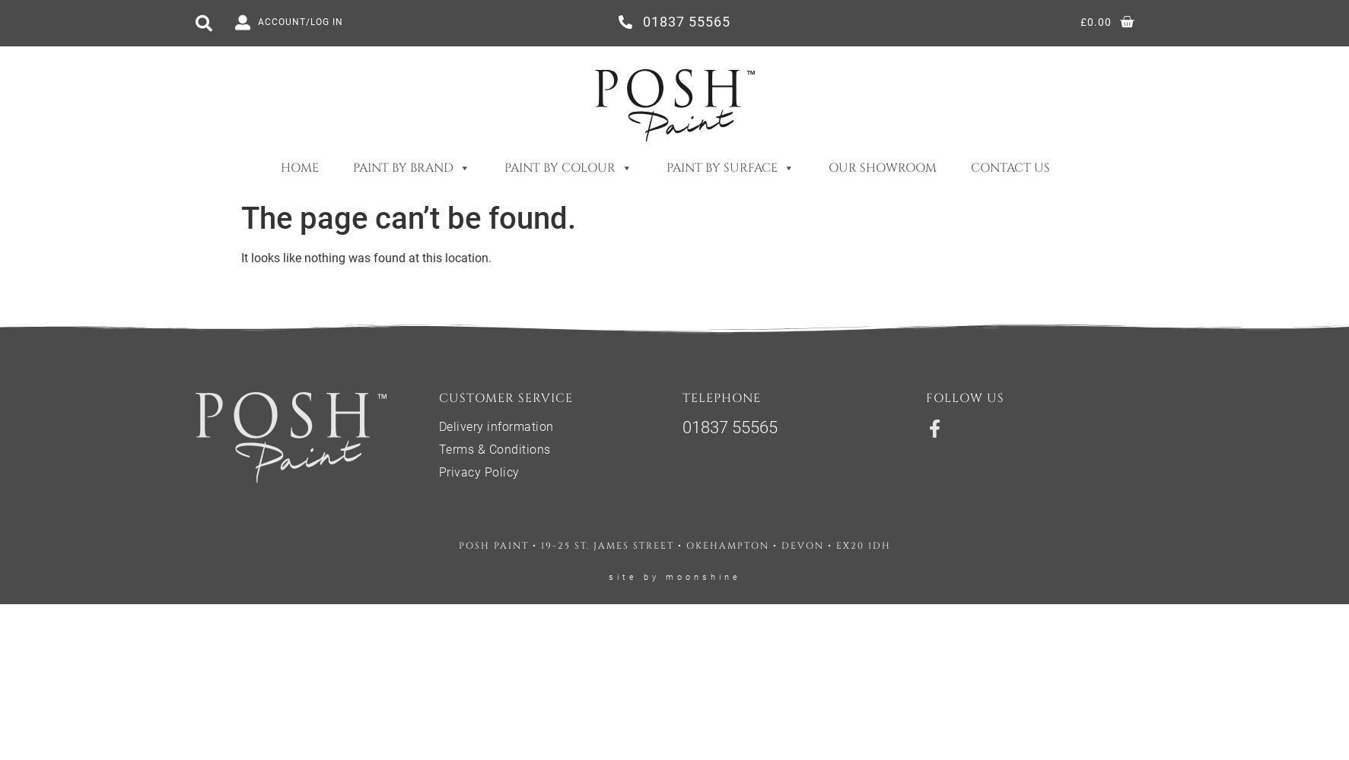  What do you see at coordinates (74, 306) in the screenshot?
I see `'Purples'` at bounding box center [74, 306].